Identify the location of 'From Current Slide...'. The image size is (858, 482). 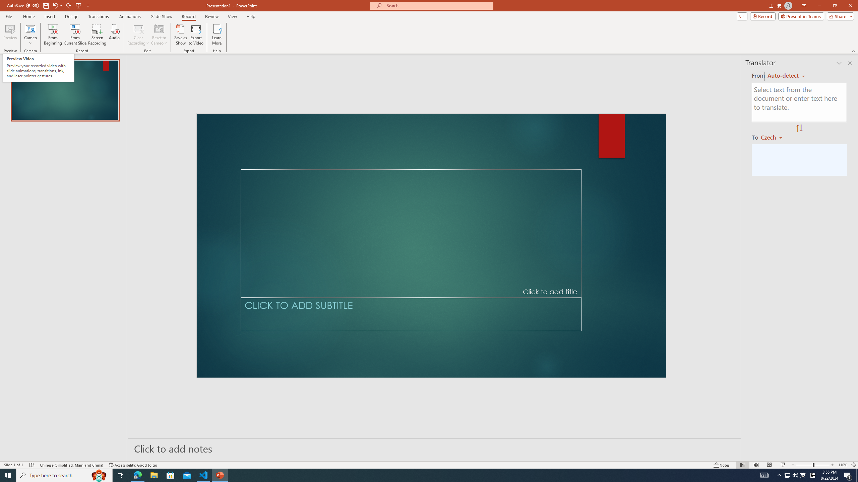
(75, 34).